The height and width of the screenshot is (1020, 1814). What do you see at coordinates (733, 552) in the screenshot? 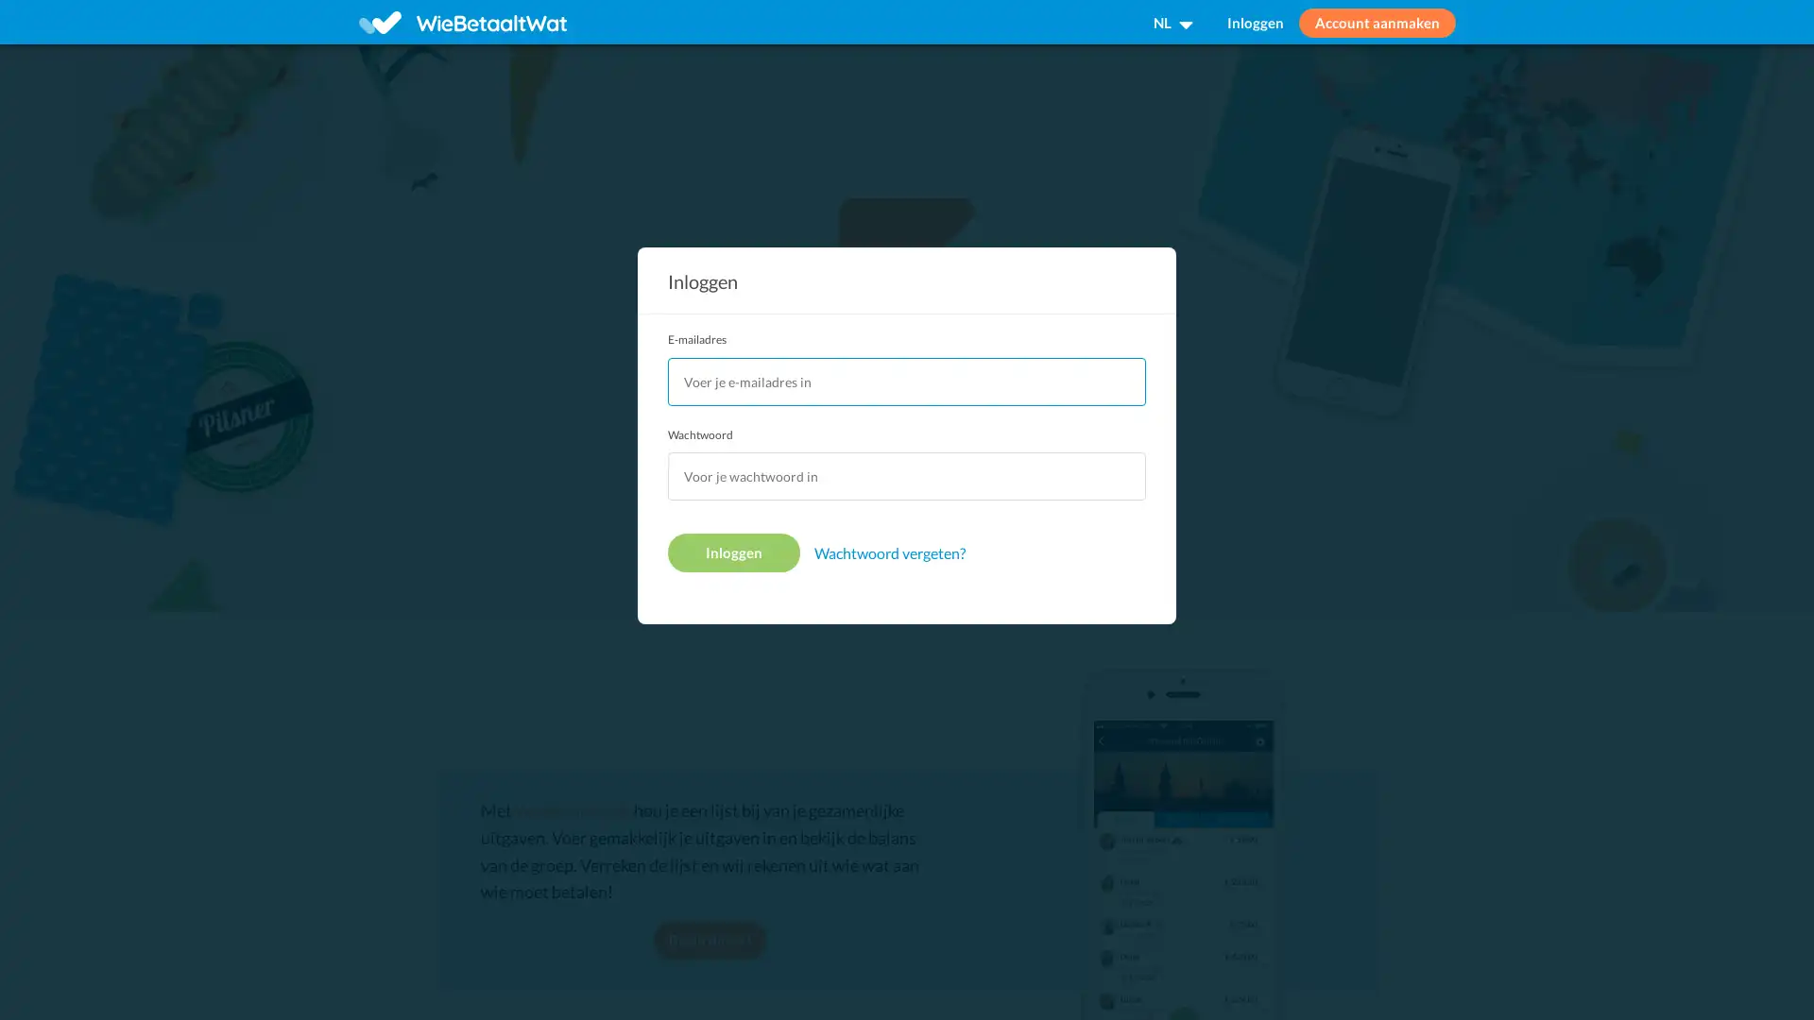
I see `Inloggen` at bounding box center [733, 552].